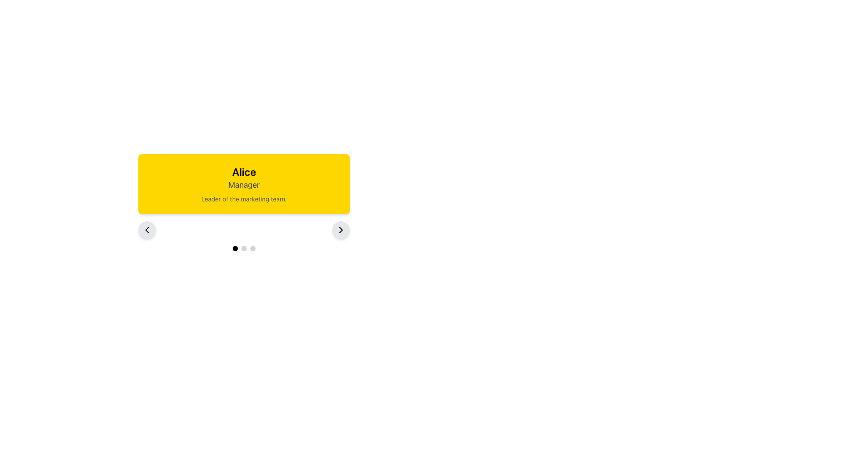  I want to click on the rightward arrow icon, which is a triangular chevron styled in black, located at the bottom-right of the highlighted card, so click(340, 229).